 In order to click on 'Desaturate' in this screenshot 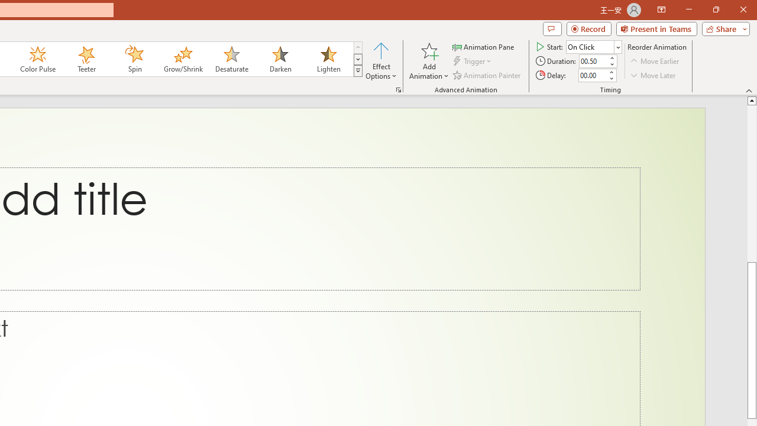, I will do `click(231, 59)`.